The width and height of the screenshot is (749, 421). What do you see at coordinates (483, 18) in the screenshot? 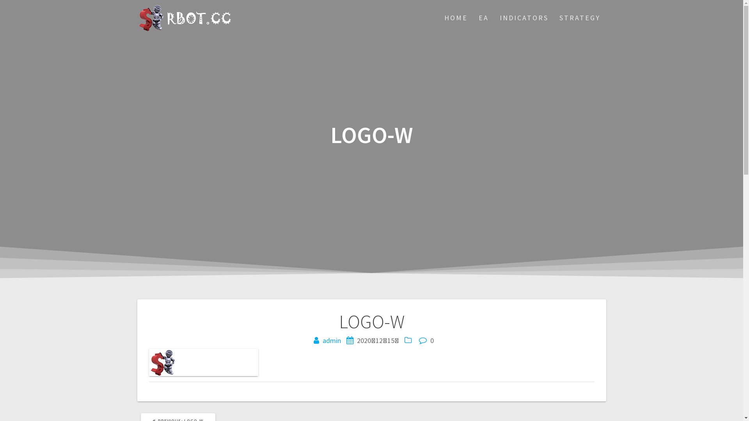
I see `'EA'` at bounding box center [483, 18].